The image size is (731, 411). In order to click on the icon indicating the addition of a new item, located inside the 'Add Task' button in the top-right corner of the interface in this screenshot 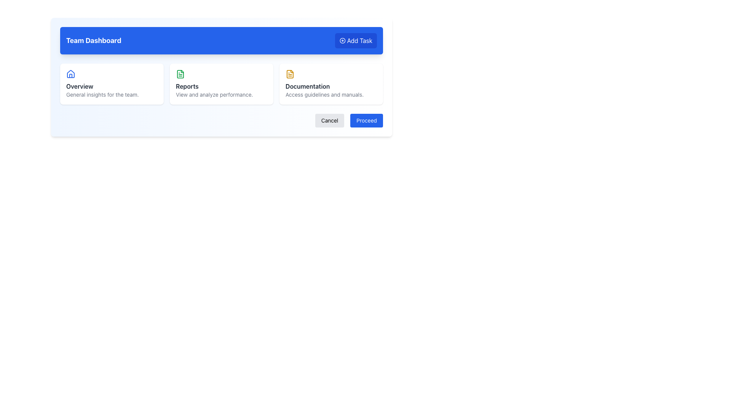, I will do `click(342, 41)`.